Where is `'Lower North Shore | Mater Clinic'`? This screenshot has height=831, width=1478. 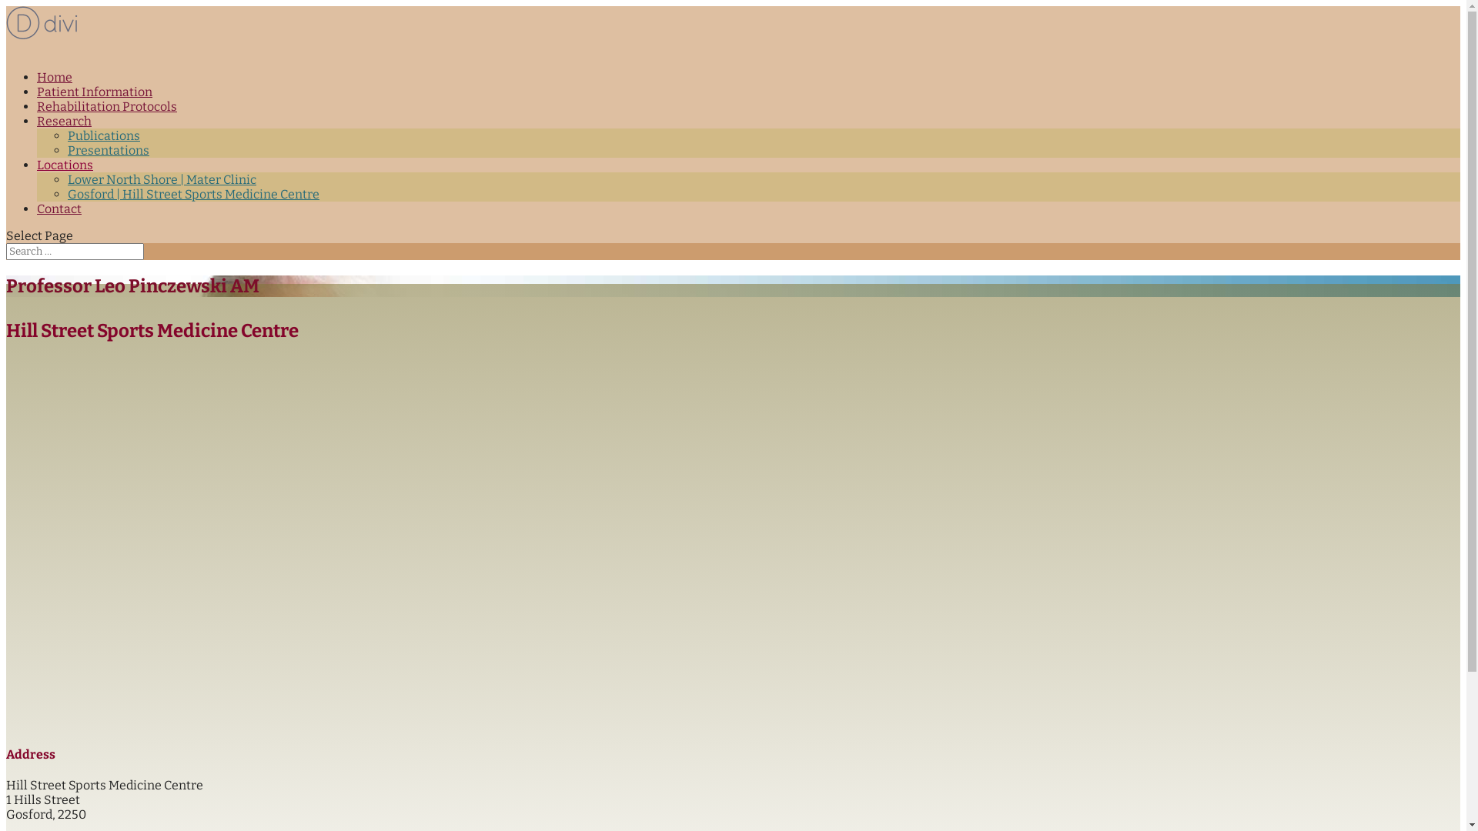
'Lower North Shore | Mater Clinic' is located at coordinates (162, 179).